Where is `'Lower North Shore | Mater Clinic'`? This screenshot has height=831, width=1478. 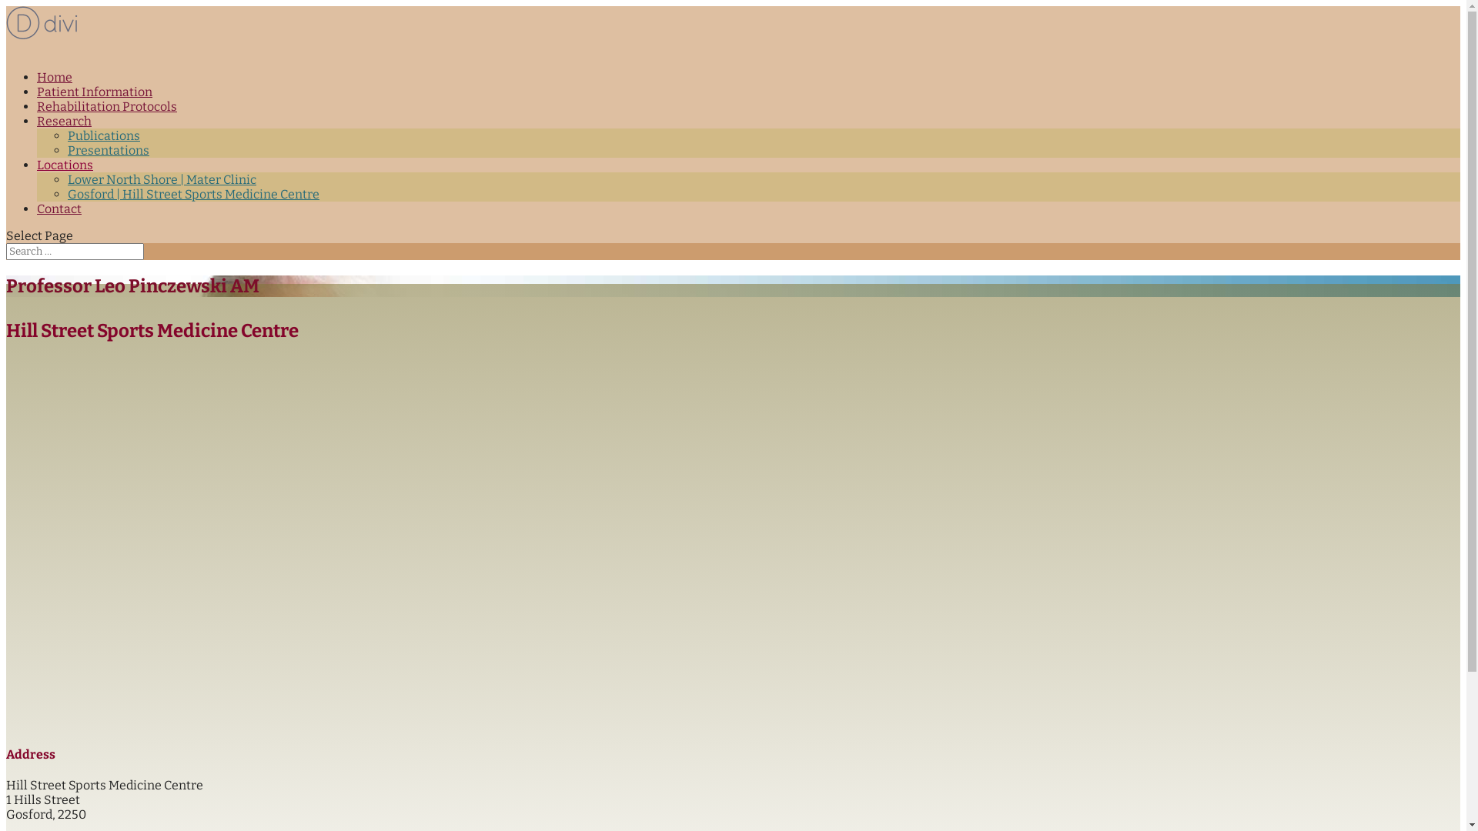
'Lower North Shore | Mater Clinic' is located at coordinates (162, 179).